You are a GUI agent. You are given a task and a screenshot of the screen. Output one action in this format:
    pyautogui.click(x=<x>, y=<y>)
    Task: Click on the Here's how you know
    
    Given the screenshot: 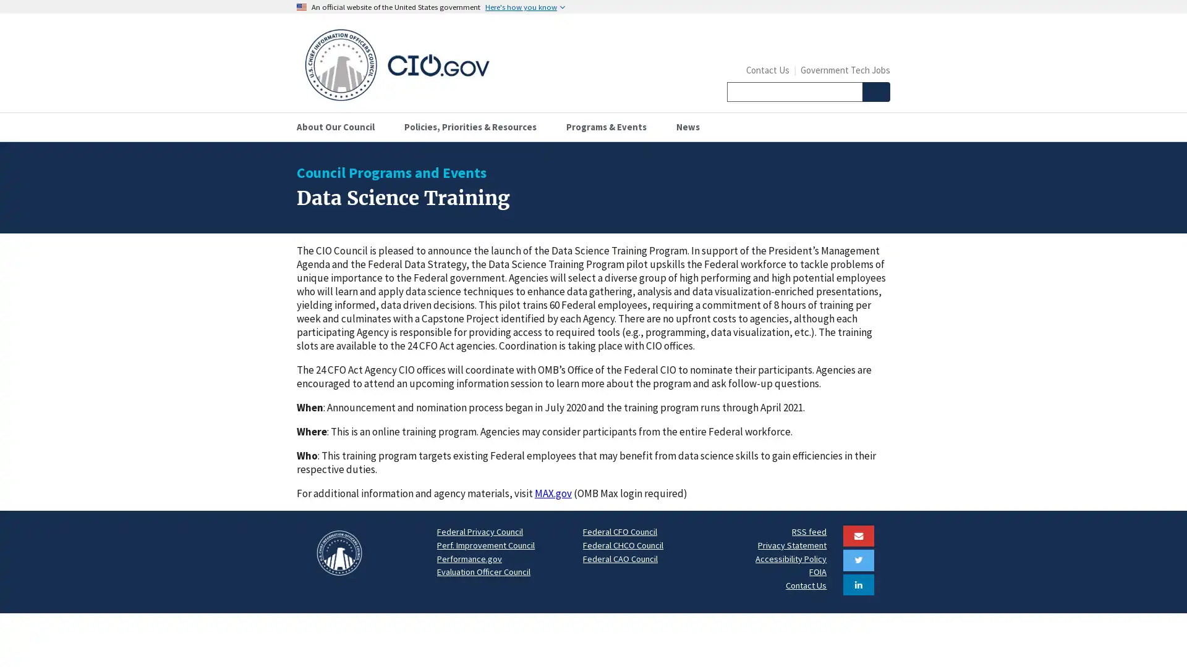 What is the action you would take?
    pyautogui.click(x=525, y=7)
    